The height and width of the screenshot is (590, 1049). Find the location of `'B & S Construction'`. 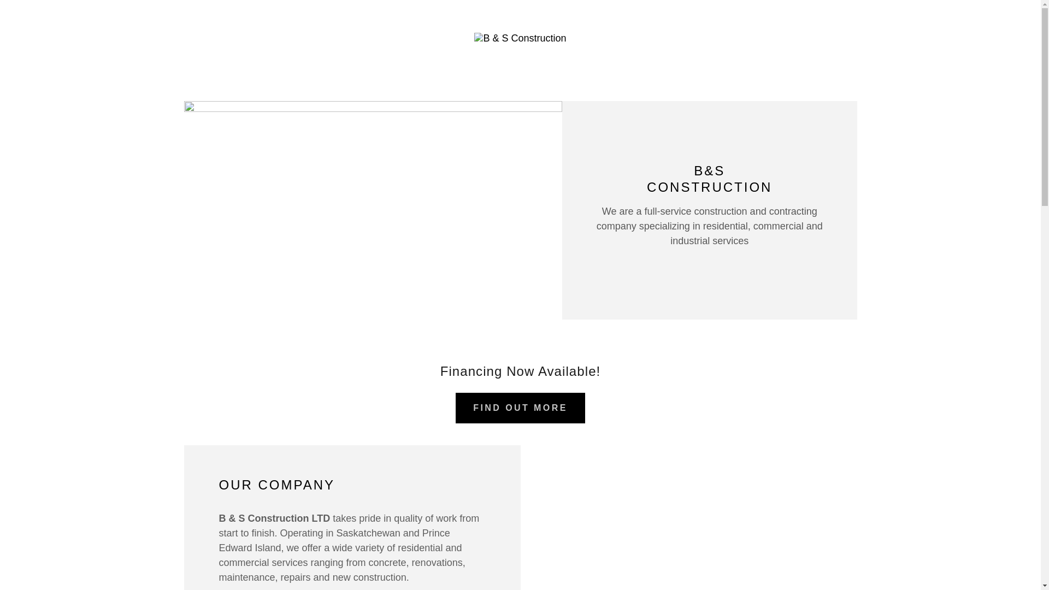

'B & S Construction' is located at coordinates (519, 37).